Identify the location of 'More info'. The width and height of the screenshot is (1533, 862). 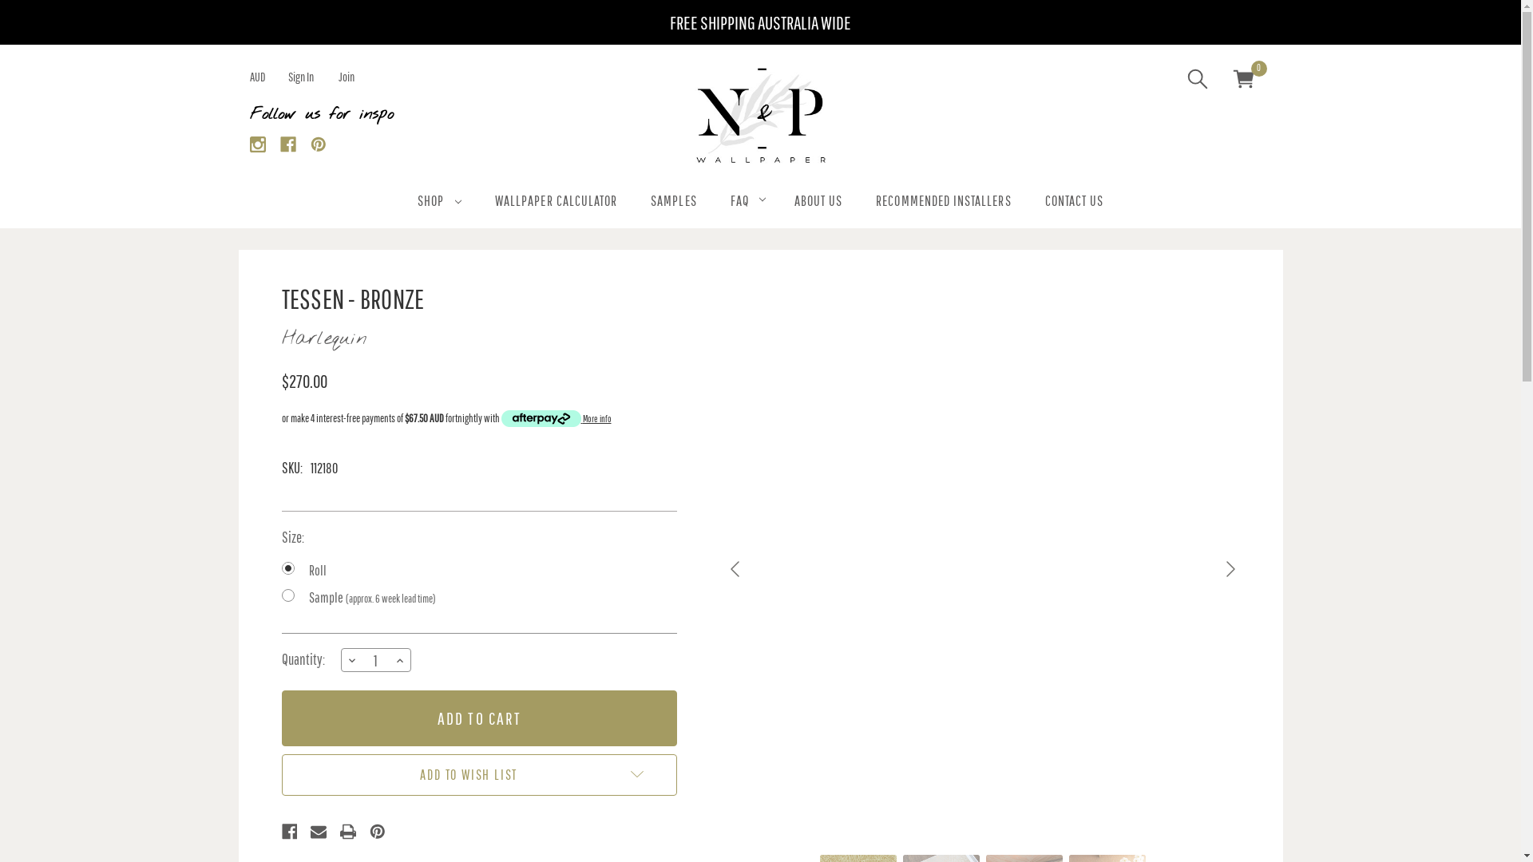
(556, 417).